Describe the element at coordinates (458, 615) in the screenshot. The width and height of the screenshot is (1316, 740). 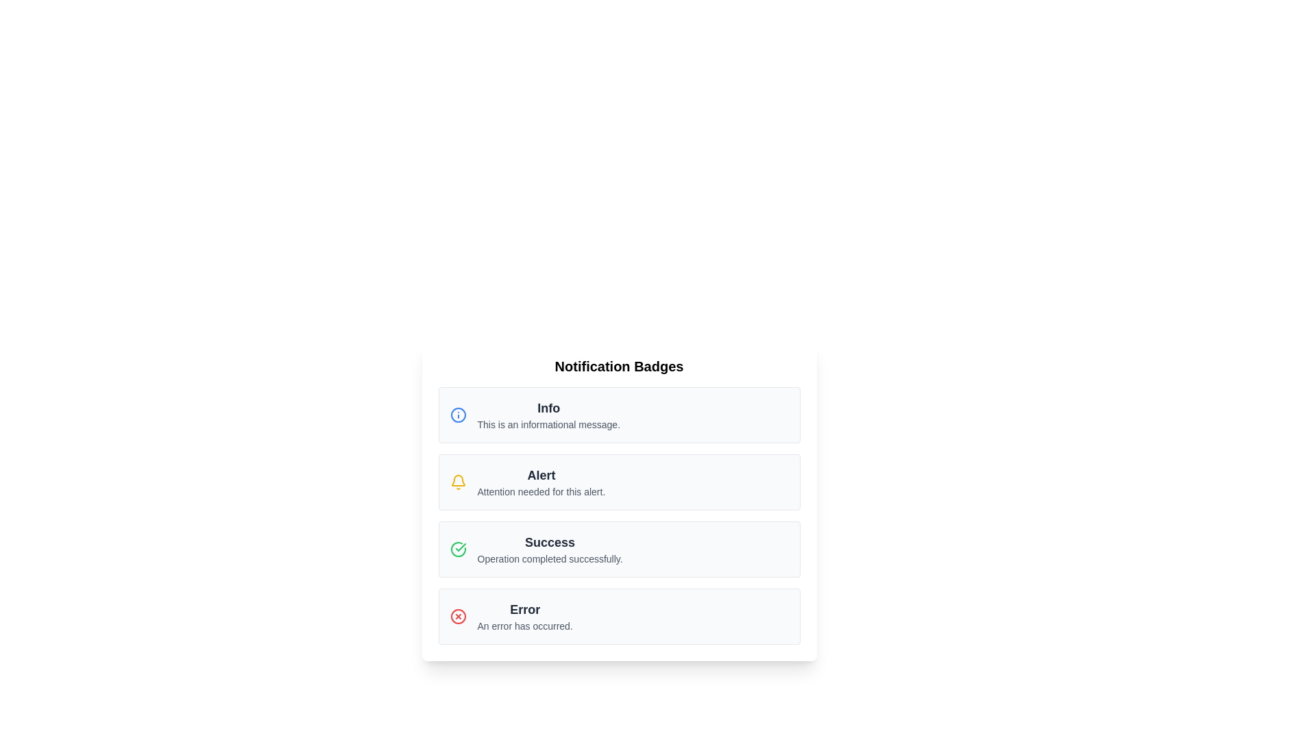
I see `the red circular error icon with an 'X' inside, located within the error notification card to the left of the text 'Error' and 'An error has occurred.'` at that location.